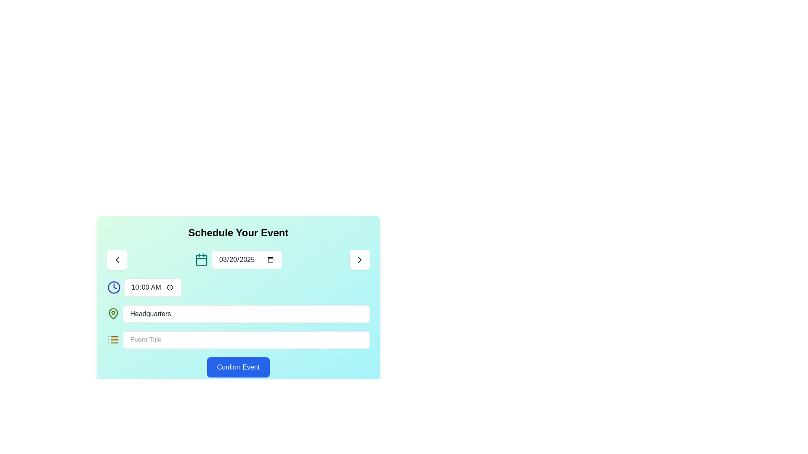 The width and height of the screenshot is (808, 454). What do you see at coordinates (201, 259) in the screenshot?
I see `the date picker icon located in the light blue panel next to the text input field displaying the date '03/20/2025'` at bounding box center [201, 259].